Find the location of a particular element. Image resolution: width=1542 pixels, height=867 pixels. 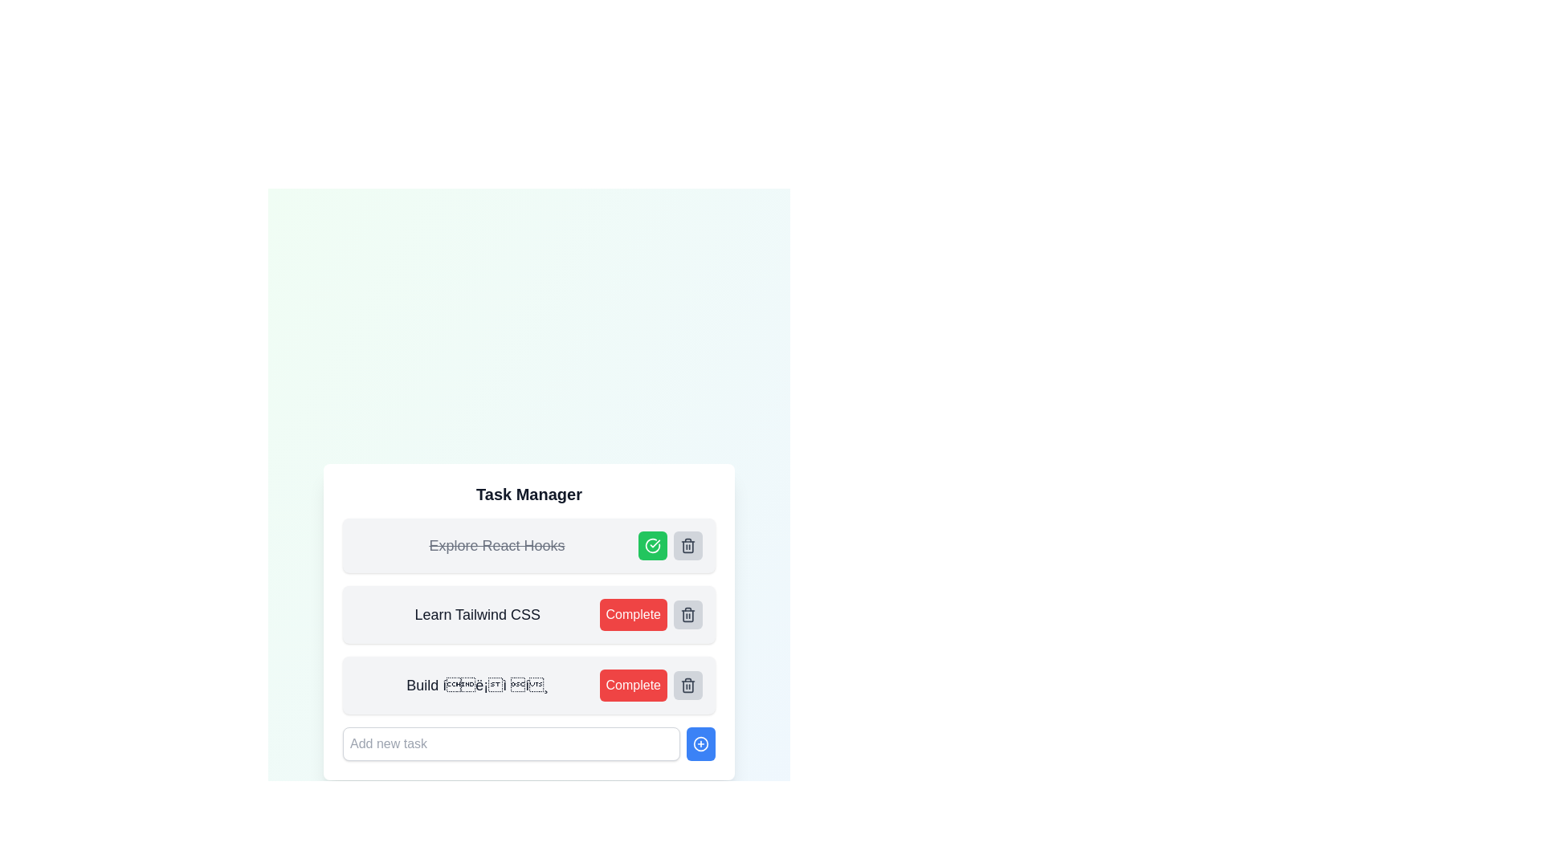

delete button for the task with text 'Learn Tailwind CSS' is located at coordinates (688, 614).